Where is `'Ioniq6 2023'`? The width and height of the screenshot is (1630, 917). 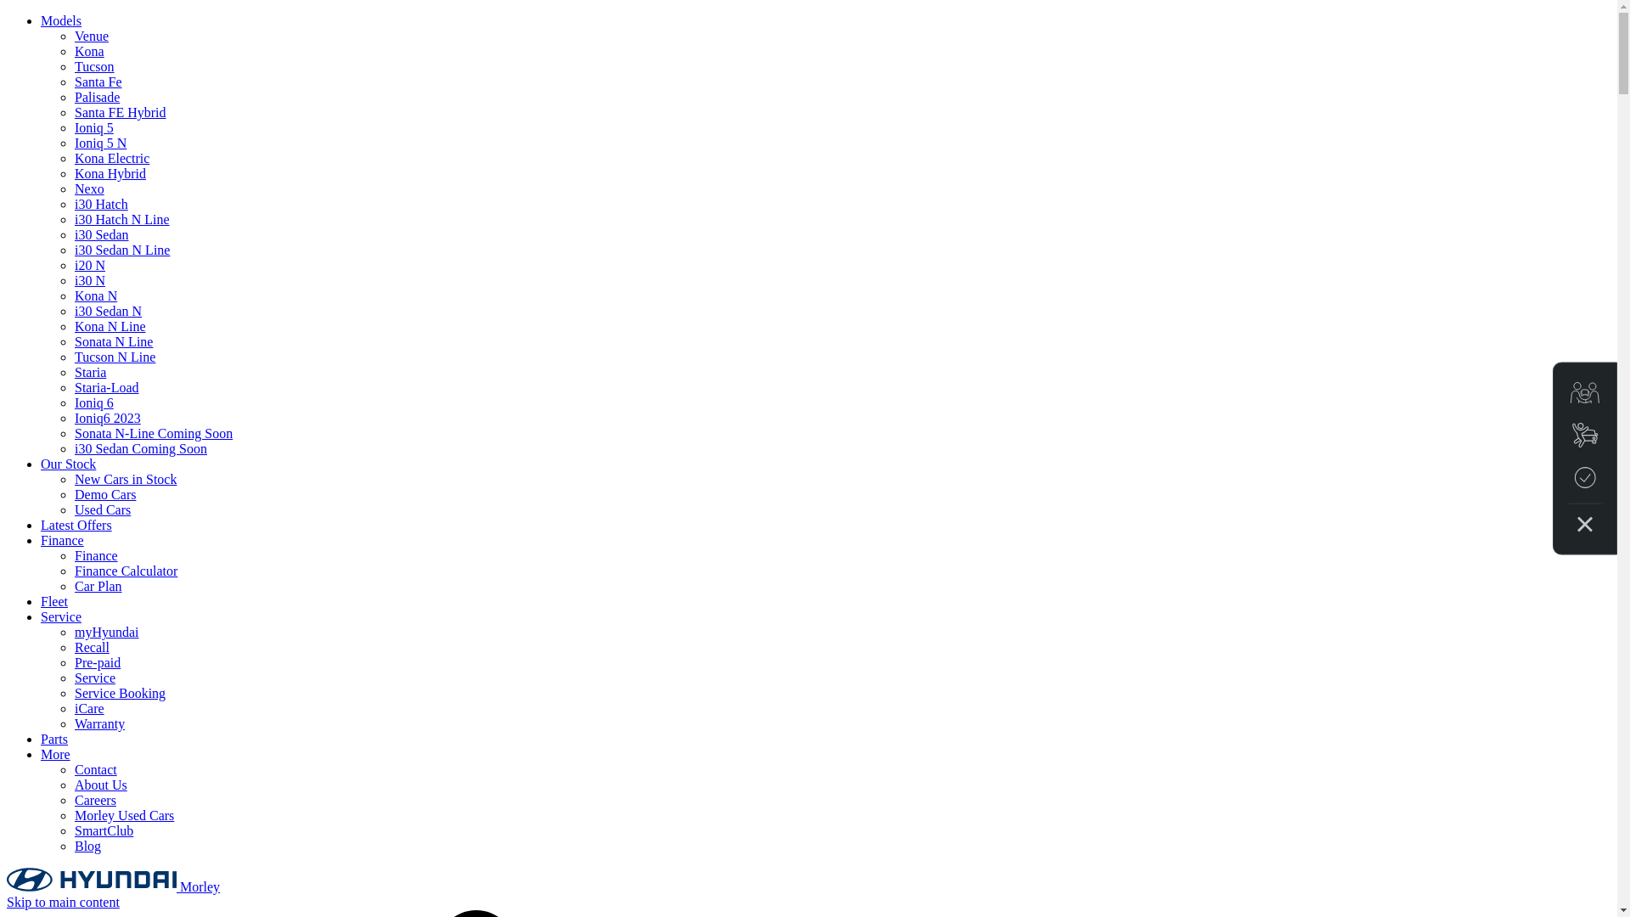
'Ioniq6 2023' is located at coordinates (106, 418).